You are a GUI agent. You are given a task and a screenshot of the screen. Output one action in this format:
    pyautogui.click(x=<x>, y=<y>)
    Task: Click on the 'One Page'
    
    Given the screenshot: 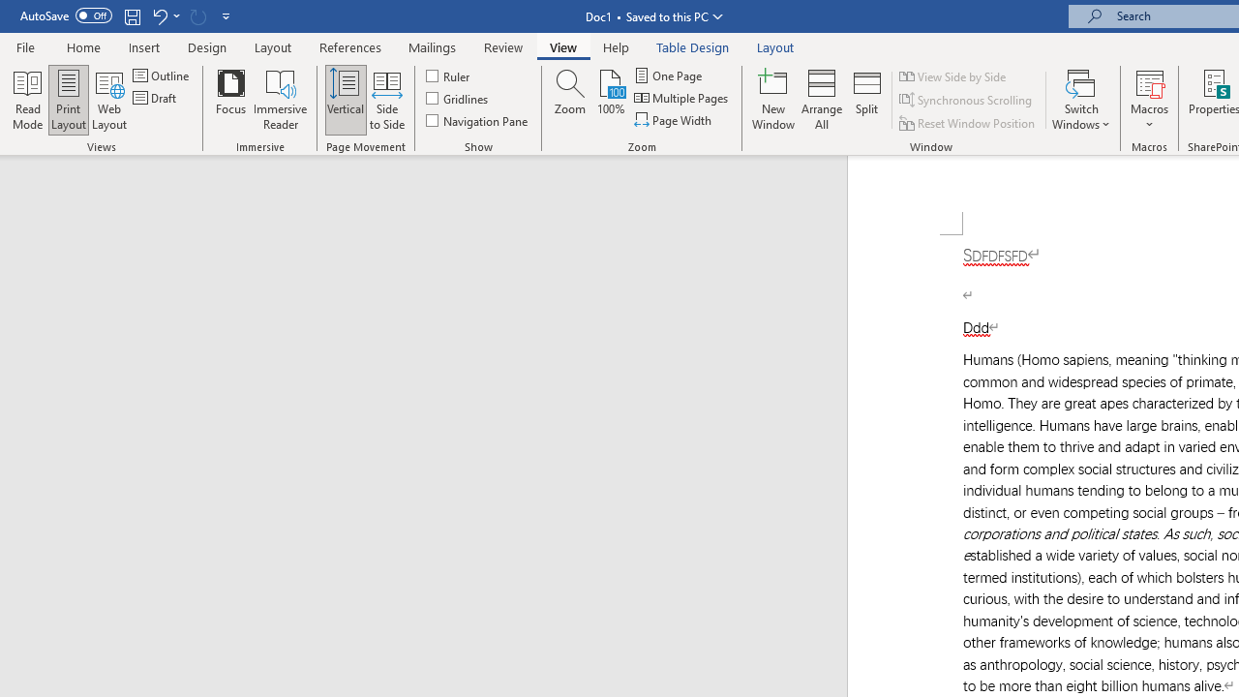 What is the action you would take?
    pyautogui.click(x=669, y=75)
    